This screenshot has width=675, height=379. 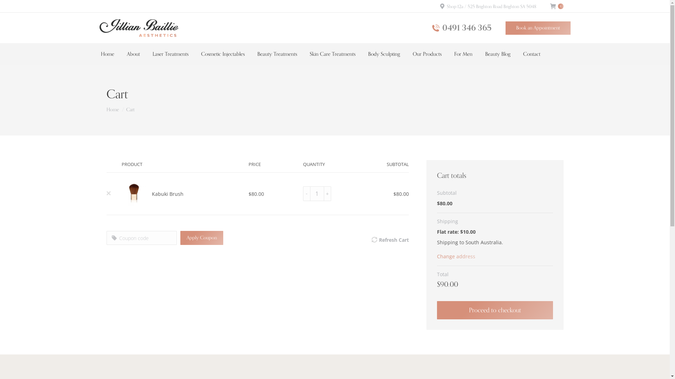 I want to click on 'About', so click(x=125, y=54).